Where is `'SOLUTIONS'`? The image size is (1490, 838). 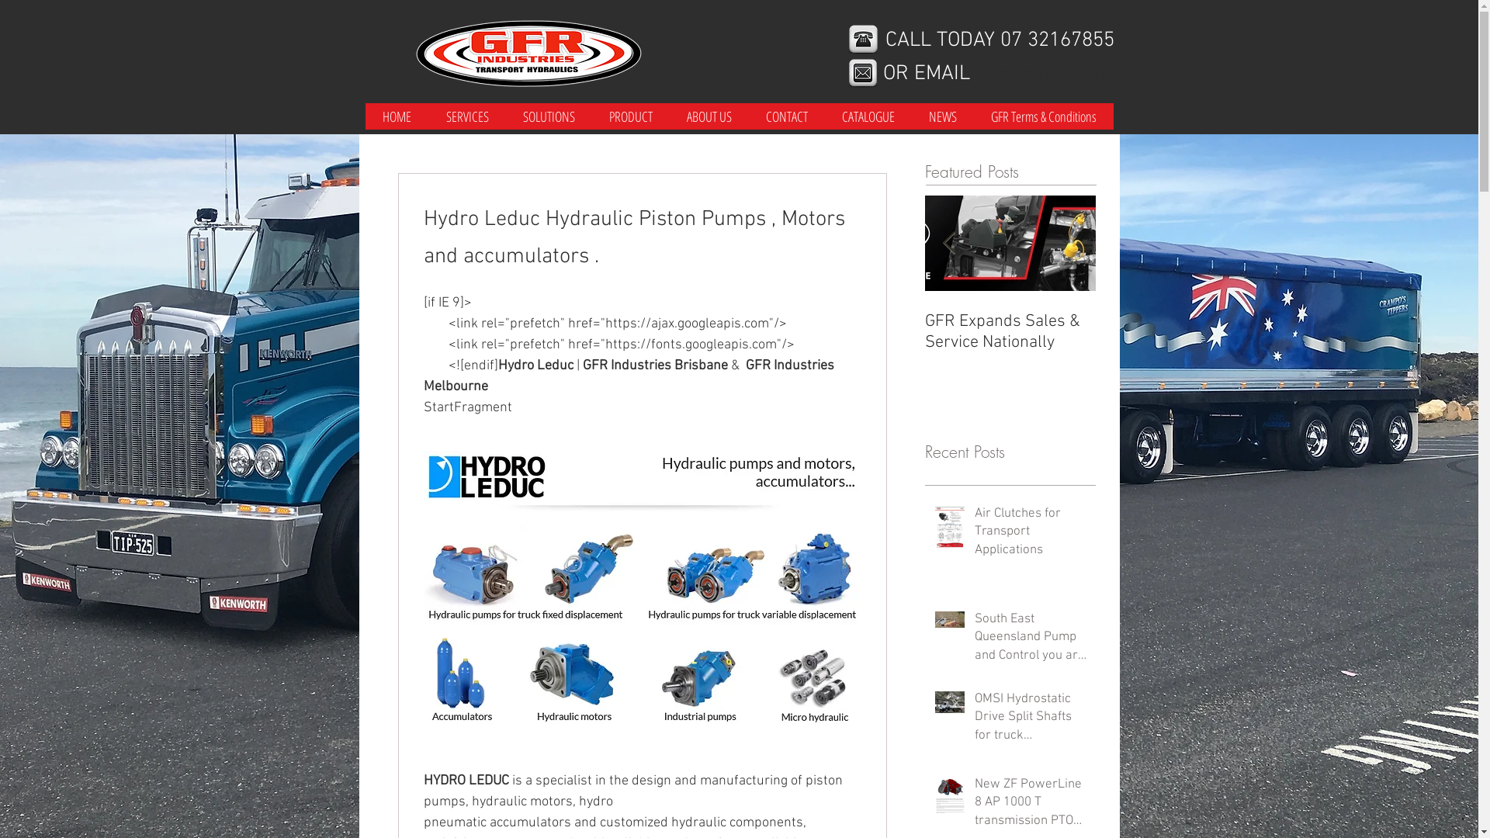
'SOLUTIONS' is located at coordinates (549, 116).